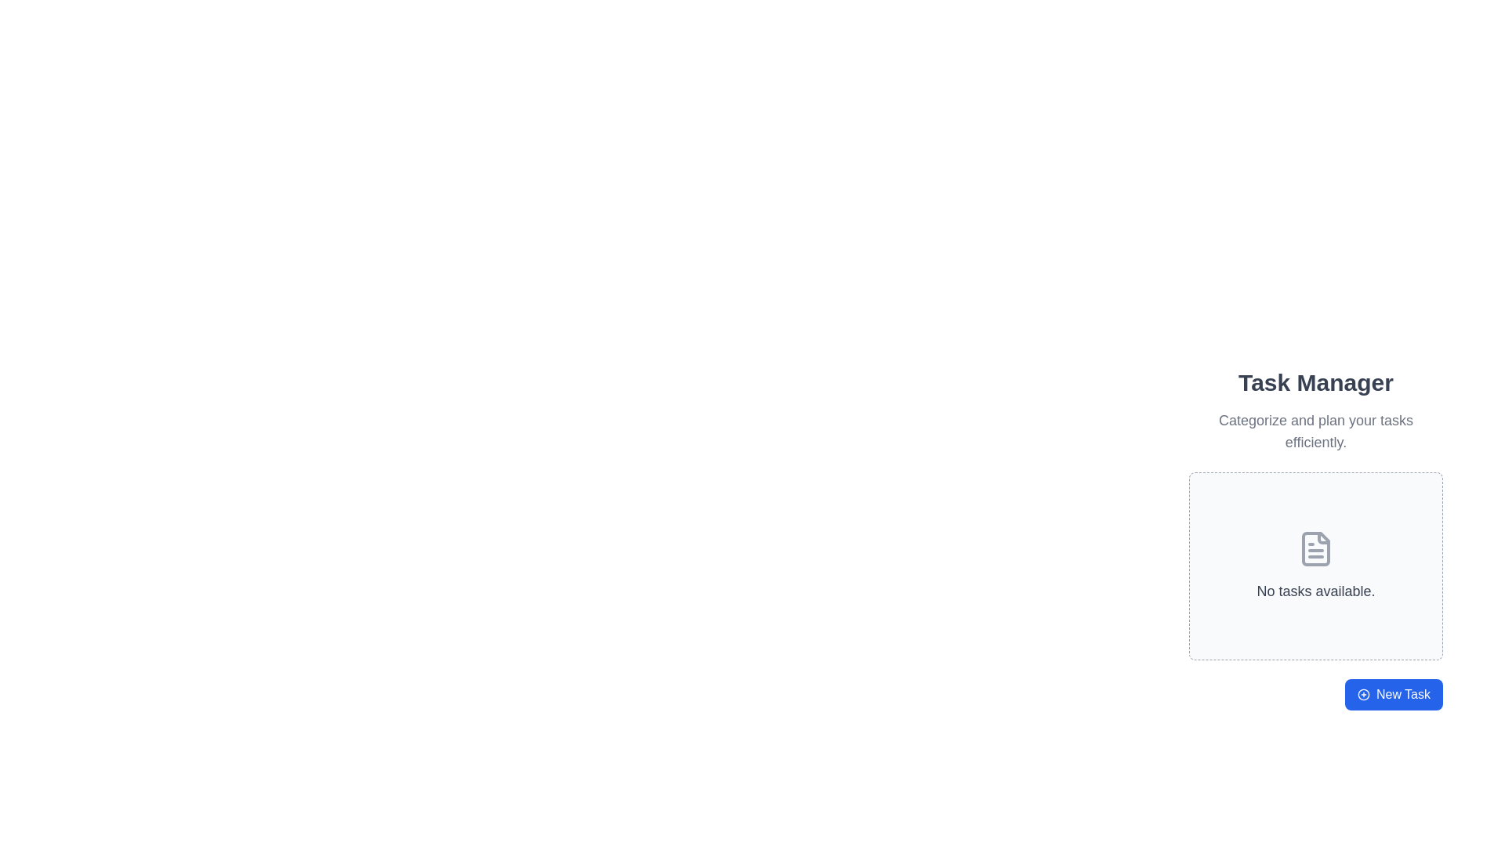 The image size is (1505, 846). Describe the element at coordinates (1362, 694) in the screenshot. I see `the circular icon located in the bottom-right section of the interface, which is part of the 'New Task' button, indicating a creation or addition action` at that location.